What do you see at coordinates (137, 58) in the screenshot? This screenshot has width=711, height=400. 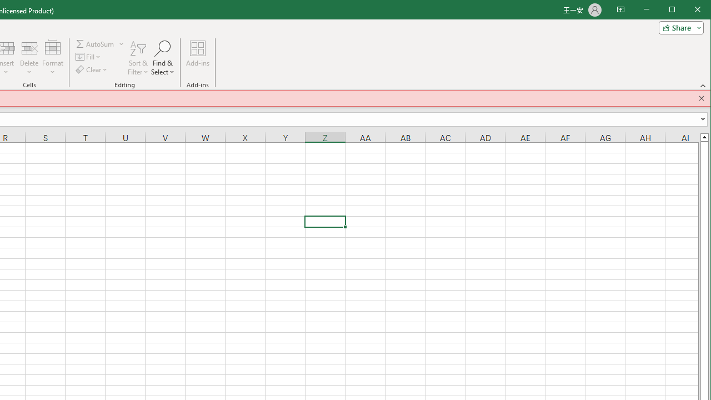 I see `'Sort & Filter'` at bounding box center [137, 58].